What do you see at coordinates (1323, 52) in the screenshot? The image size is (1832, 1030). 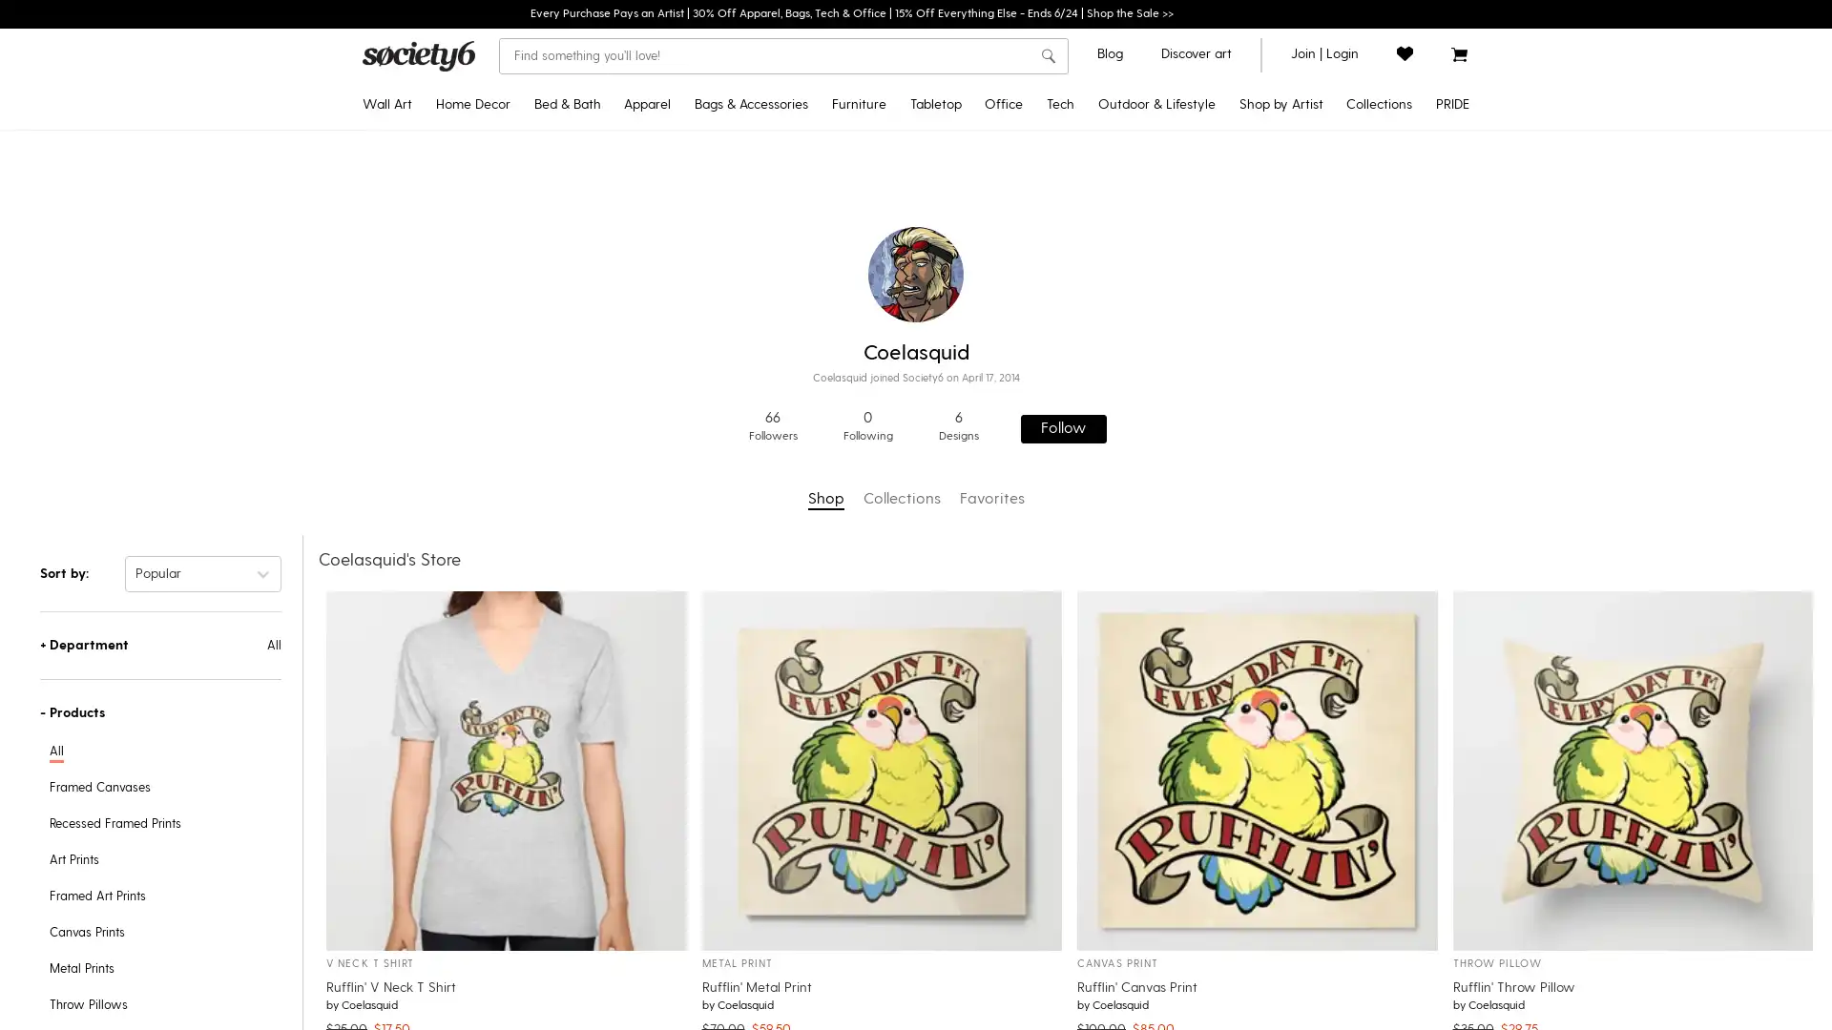 I see `join or login` at bounding box center [1323, 52].